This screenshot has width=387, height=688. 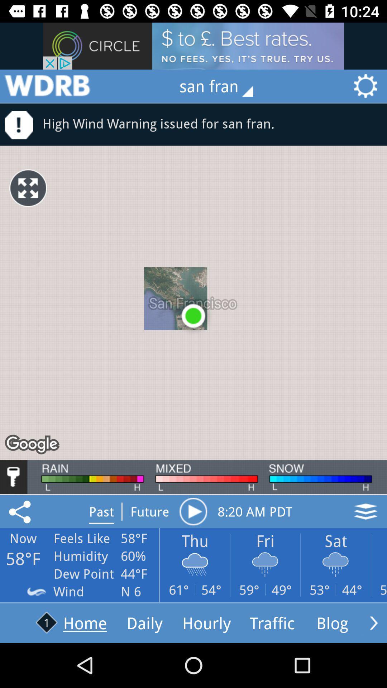 What do you see at coordinates (21, 511) in the screenshot?
I see `share` at bounding box center [21, 511].